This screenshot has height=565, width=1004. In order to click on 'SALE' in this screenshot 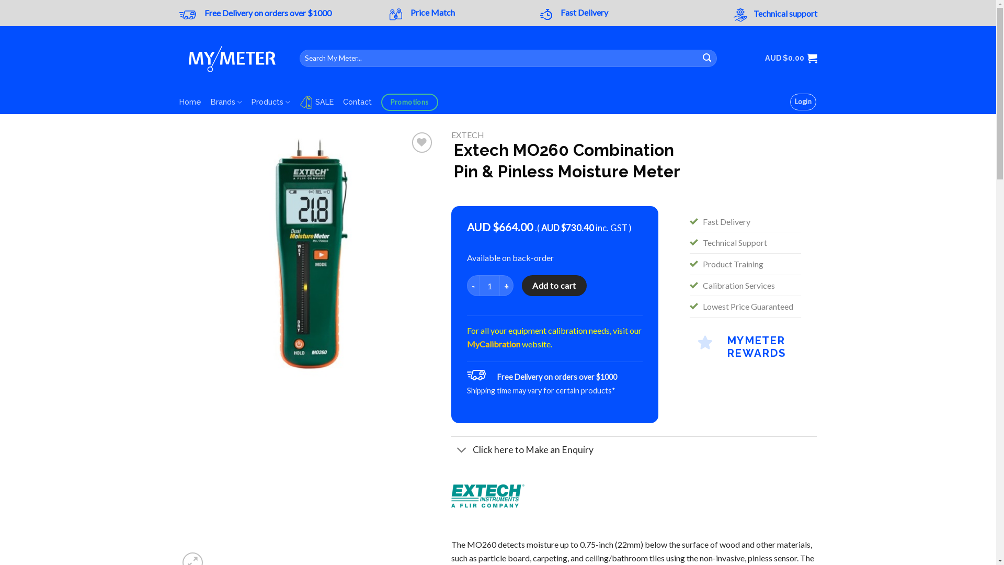, I will do `click(299, 102)`.